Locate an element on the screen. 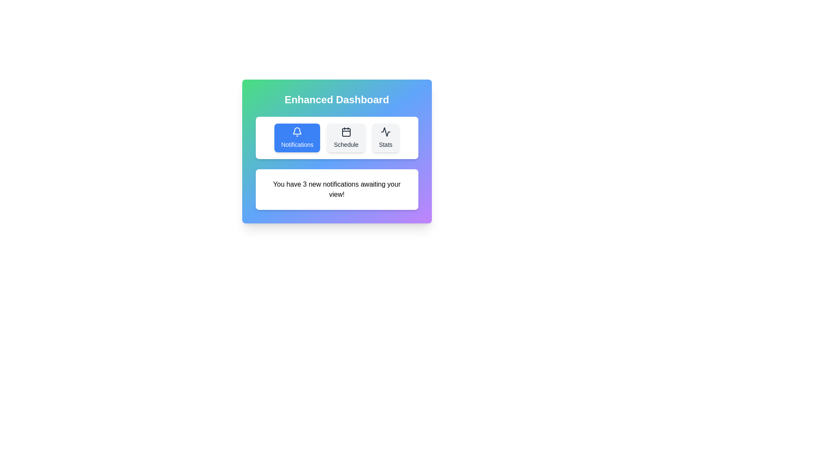 This screenshot has height=457, width=813. the 'Stats' button, which is a rectangular button with a light gray background and rounded corners is located at coordinates (385, 138).